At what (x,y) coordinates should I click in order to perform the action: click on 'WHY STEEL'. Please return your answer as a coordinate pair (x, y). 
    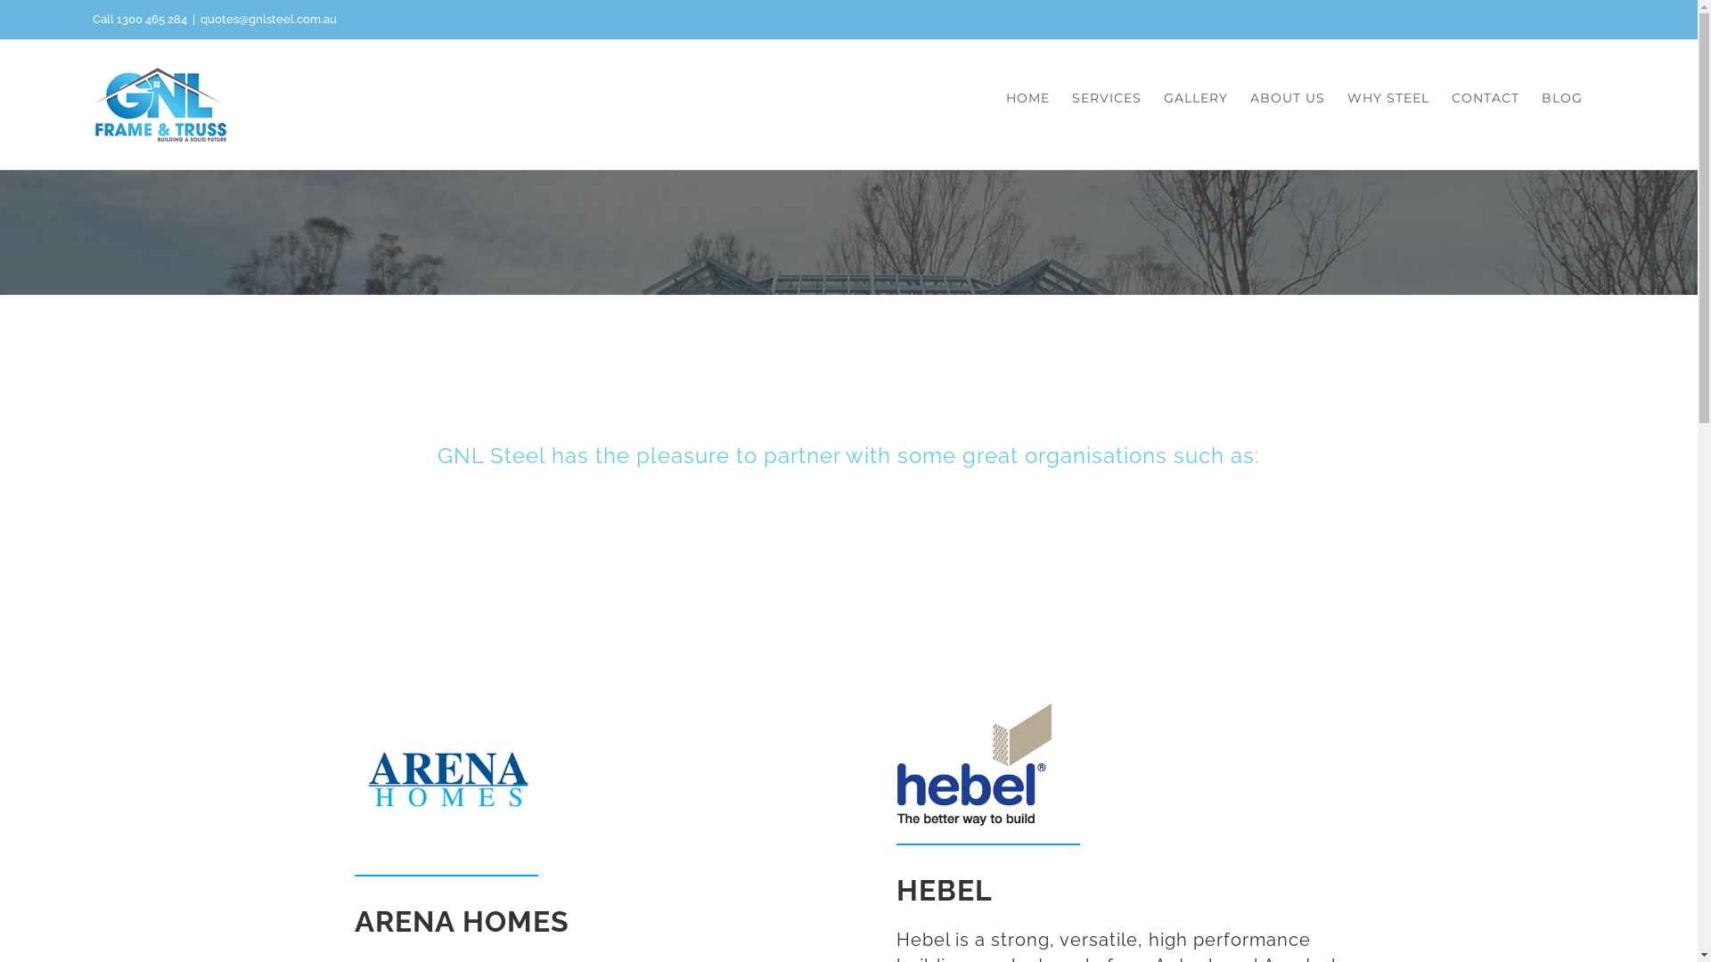
    Looking at the image, I should click on (1347, 98).